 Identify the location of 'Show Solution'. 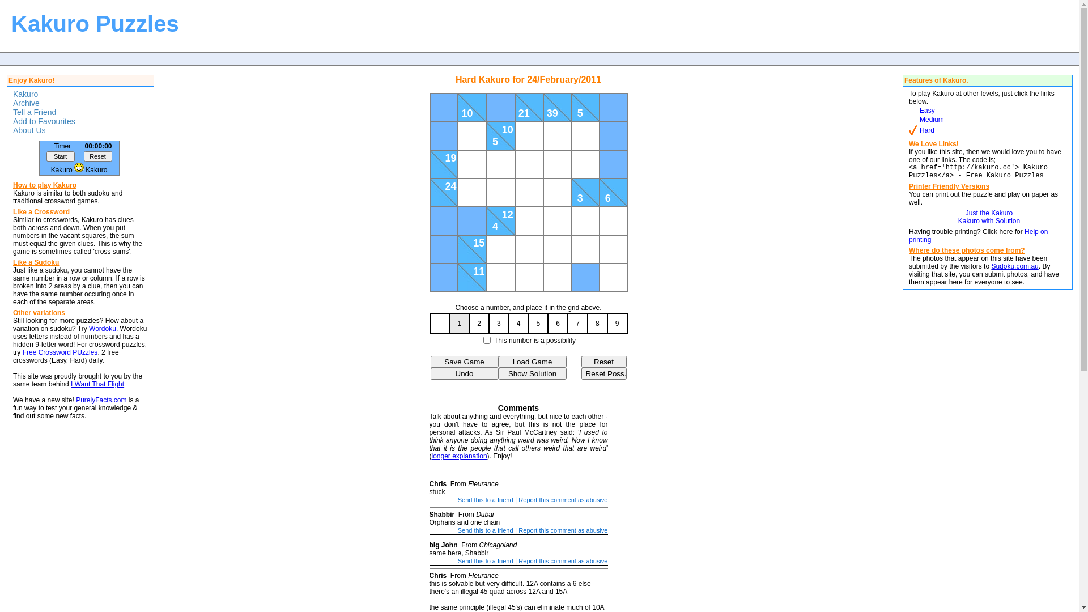
(532, 373).